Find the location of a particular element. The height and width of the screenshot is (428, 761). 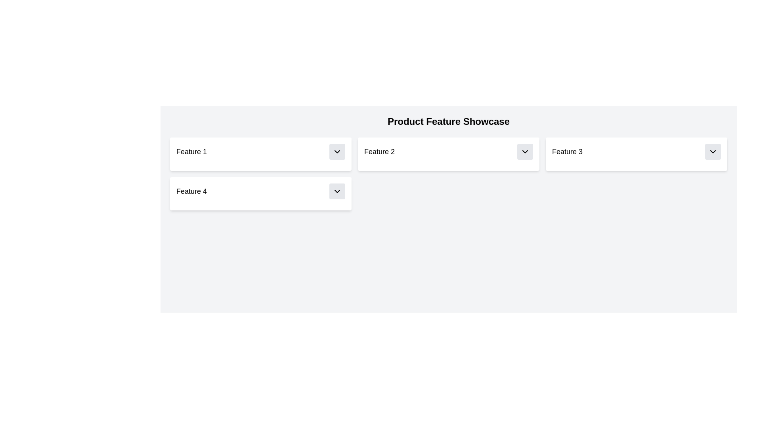

the Information card featuring 'Feature 1' with a dropdown arrow, located in the top-left corner of the grid layout is located at coordinates (260, 154).